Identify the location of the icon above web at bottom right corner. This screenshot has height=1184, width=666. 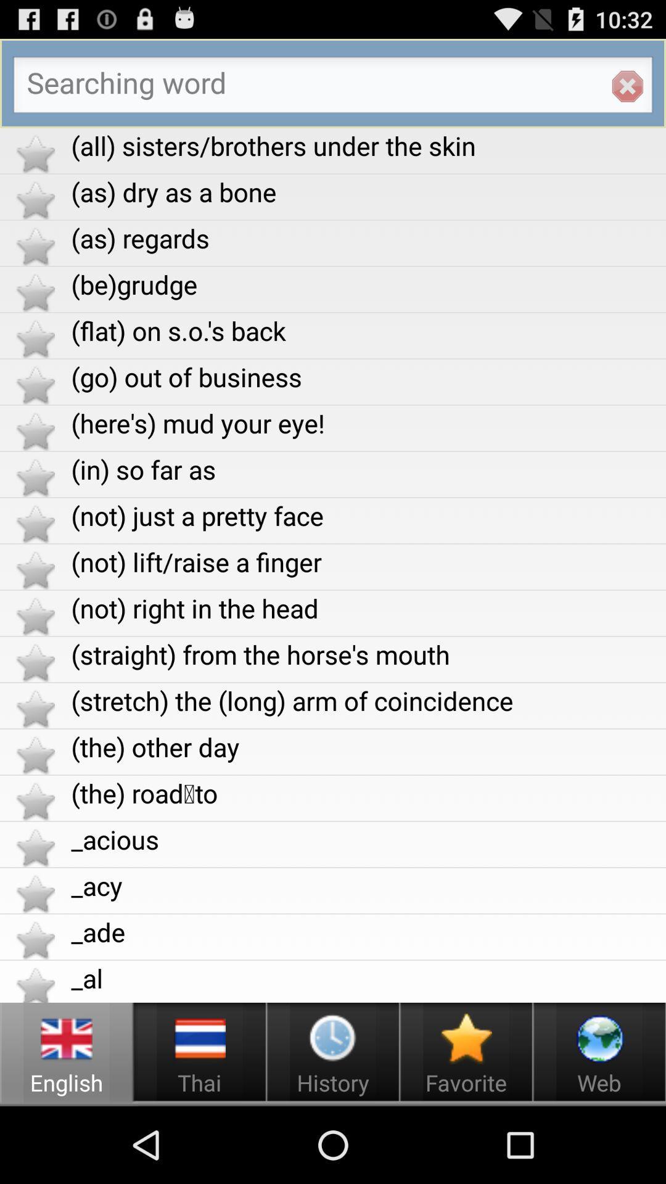
(599, 1038).